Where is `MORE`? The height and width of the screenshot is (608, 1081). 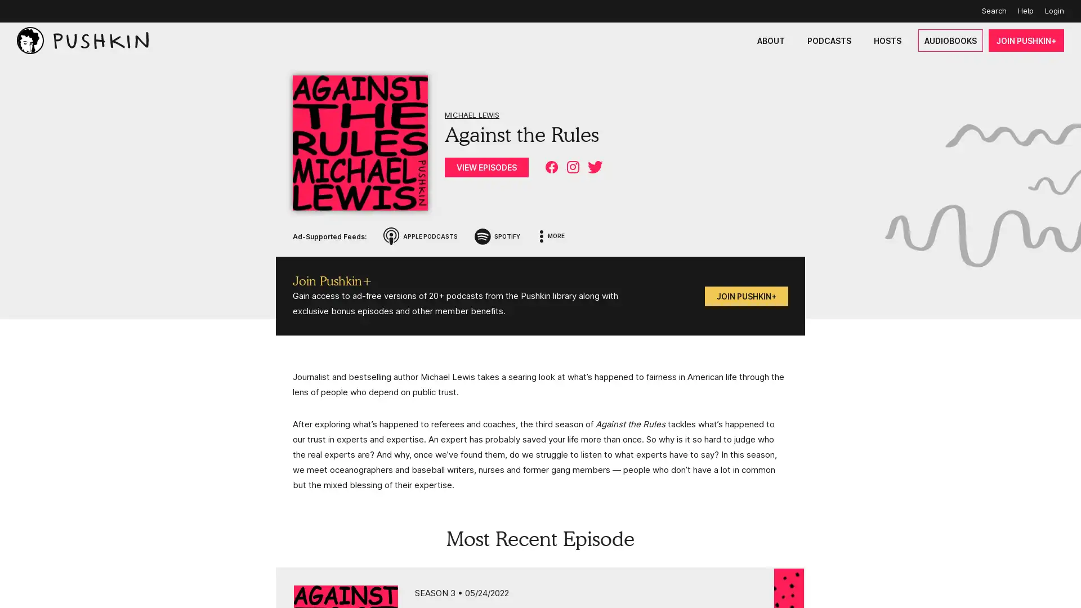 MORE is located at coordinates (553, 236).